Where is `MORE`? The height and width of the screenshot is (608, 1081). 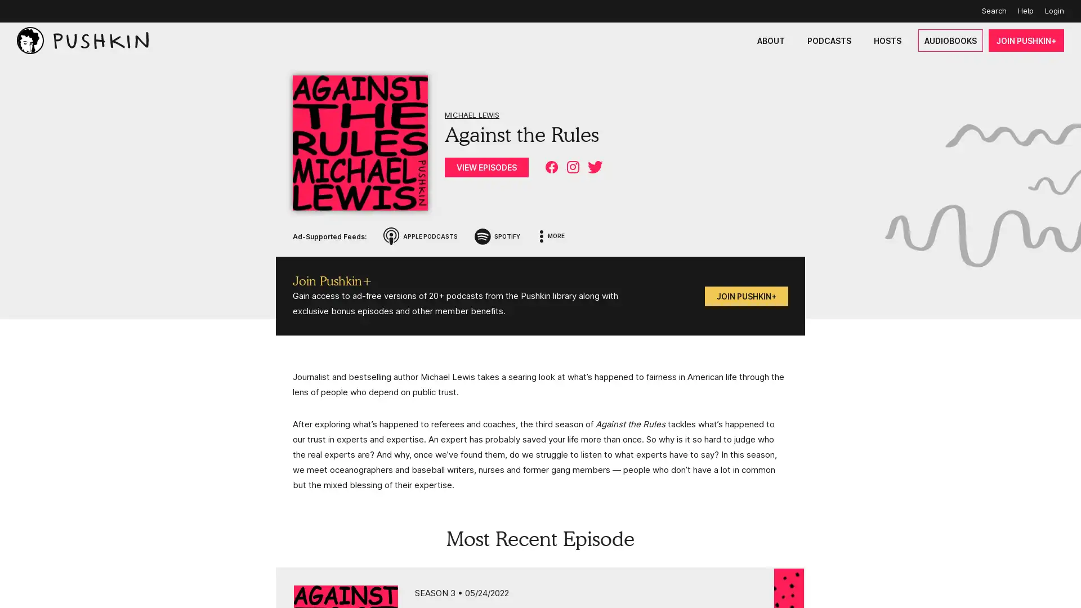 MORE is located at coordinates (553, 236).